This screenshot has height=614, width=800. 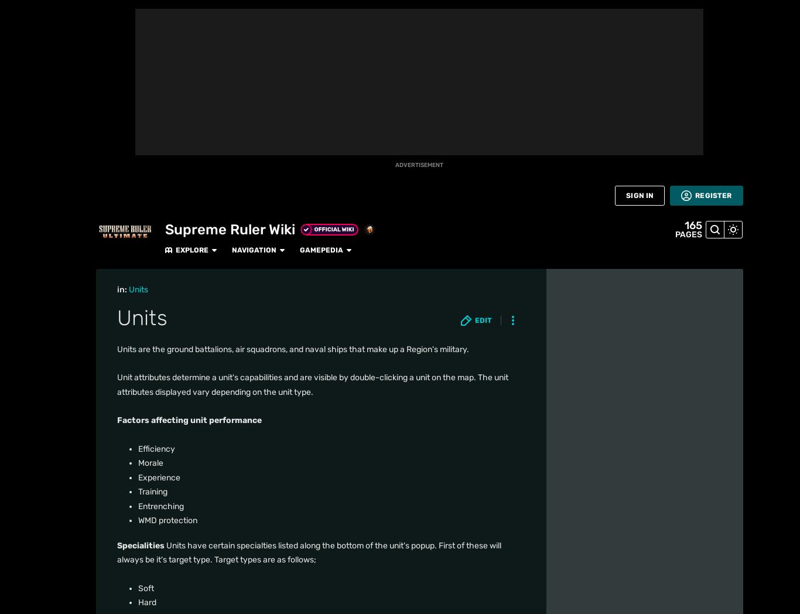 I want to click on 'Surface Defense', so click(x=153, y=141).